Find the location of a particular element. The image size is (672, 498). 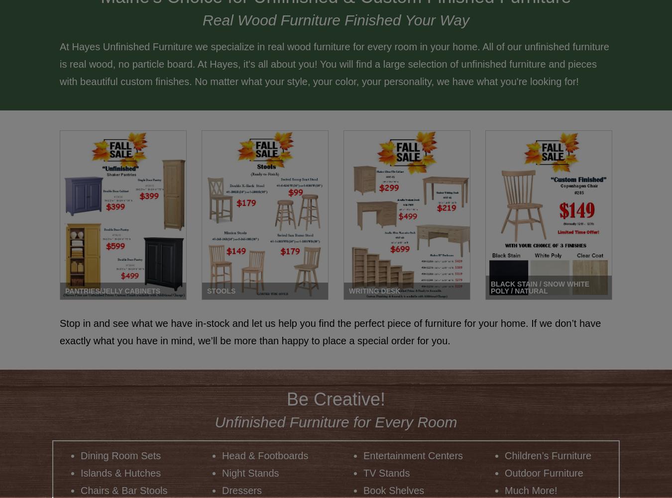

'Stop in and see what we have in-stock and let us help you find the perfect piece of furniture for your home. If we don’t have exactly 
                        what you have in mind, we’ll be more than happy to place a special order for you.' is located at coordinates (330, 331).